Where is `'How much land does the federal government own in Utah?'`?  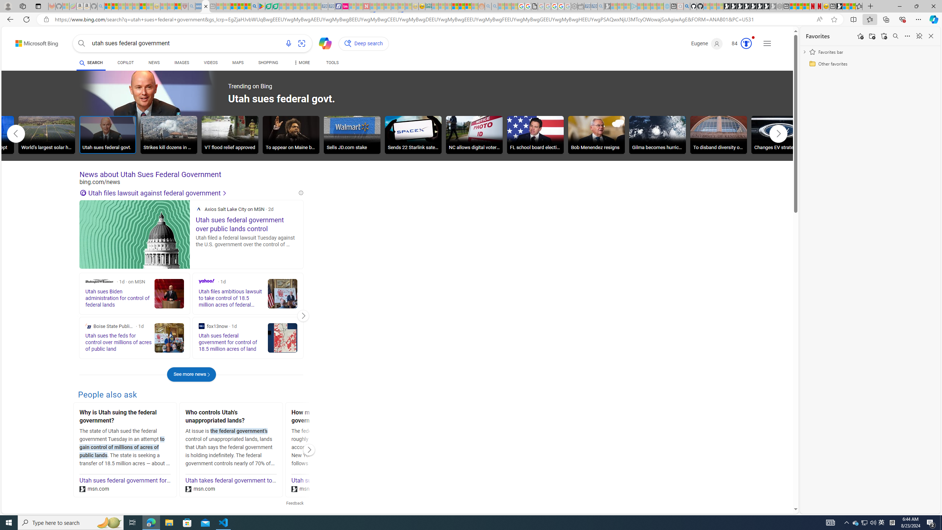 'How much land does the federal government own in Utah?' is located at coordinates (336, 417).